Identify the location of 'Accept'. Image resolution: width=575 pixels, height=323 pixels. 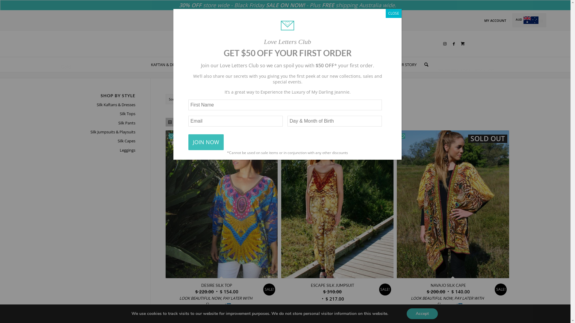
(422, 313).